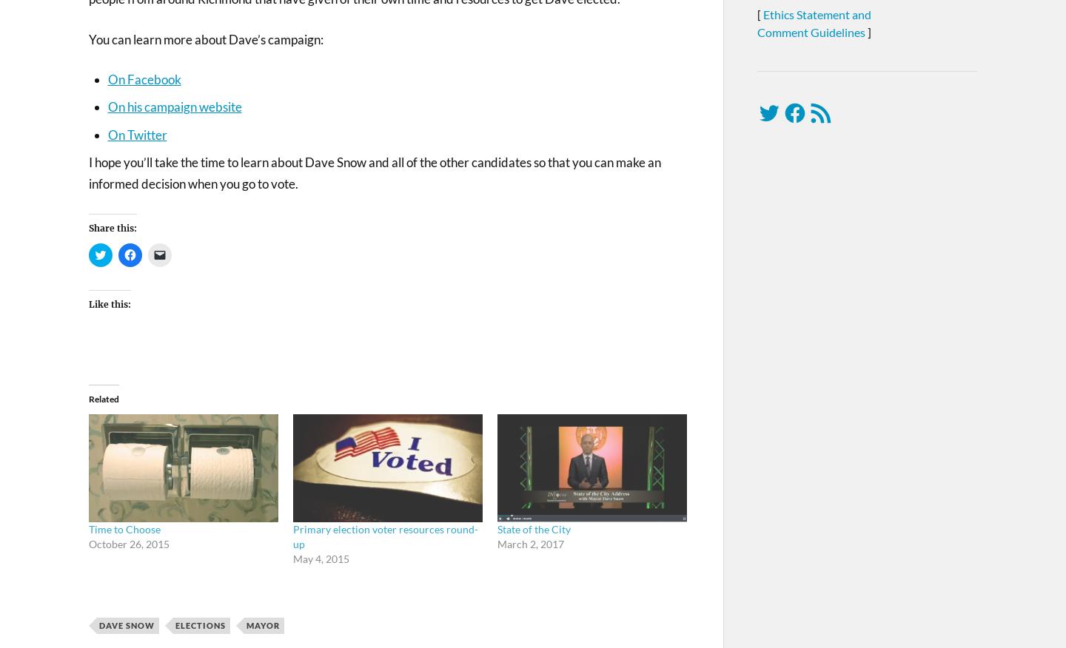  I want to click on 'On Facebook', so click(144, 78).